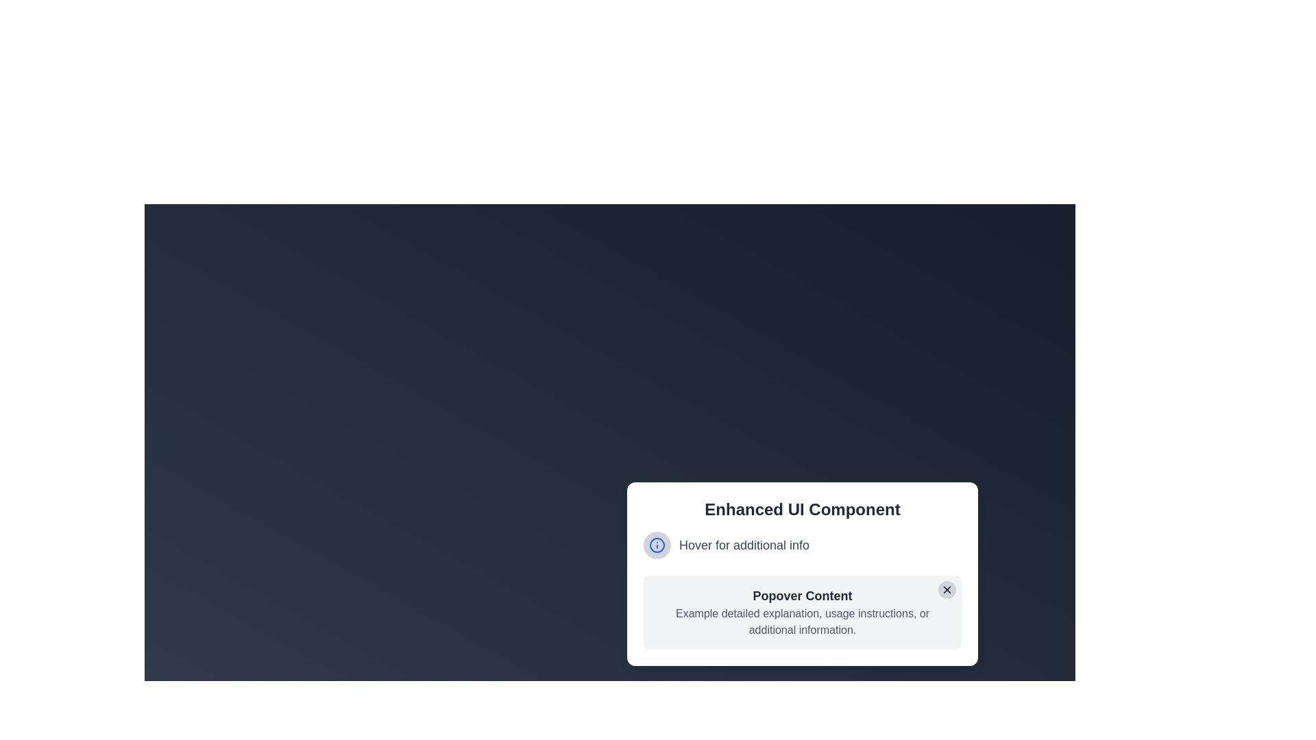 The height and width of the screenshot is (740, 1316). I want to click on the circular blue-bordered icon containing an exclamation mark, so click(657, 544).